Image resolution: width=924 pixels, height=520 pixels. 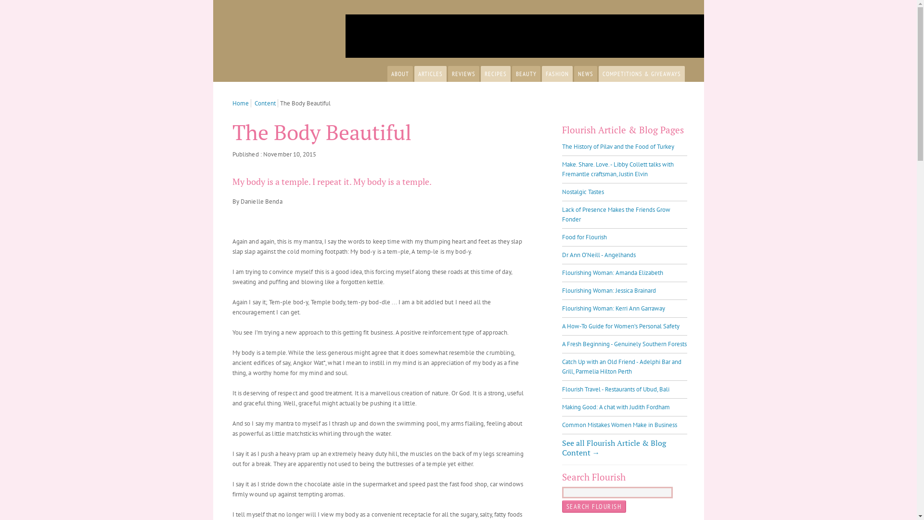 I want to click on 'The History of Pilav and the Food of Turkey', so click(x=618, y=146).